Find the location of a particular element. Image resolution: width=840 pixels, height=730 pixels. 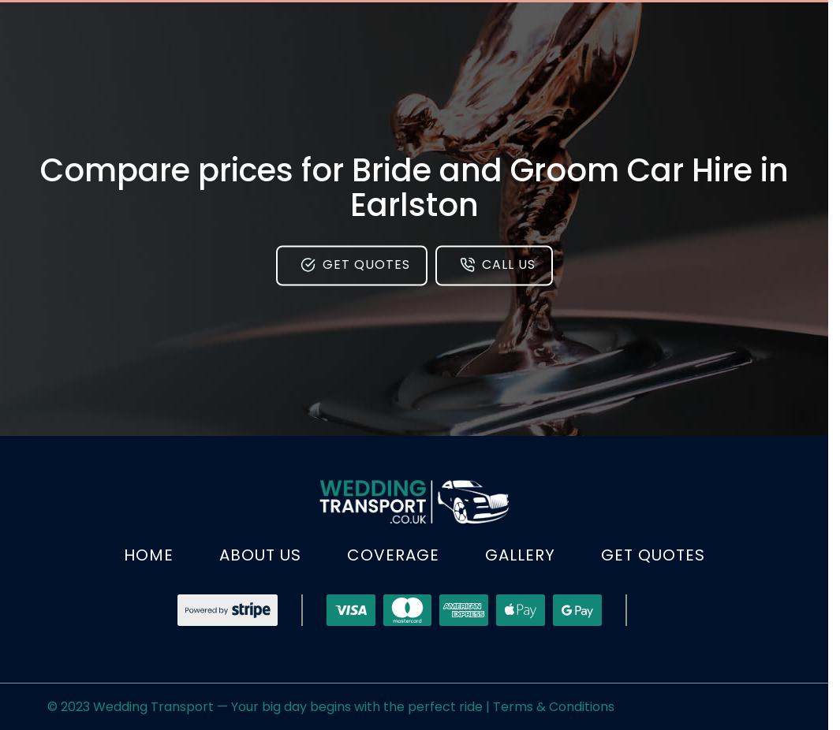

'Get Quotes' is located at coordinates (364, 263).